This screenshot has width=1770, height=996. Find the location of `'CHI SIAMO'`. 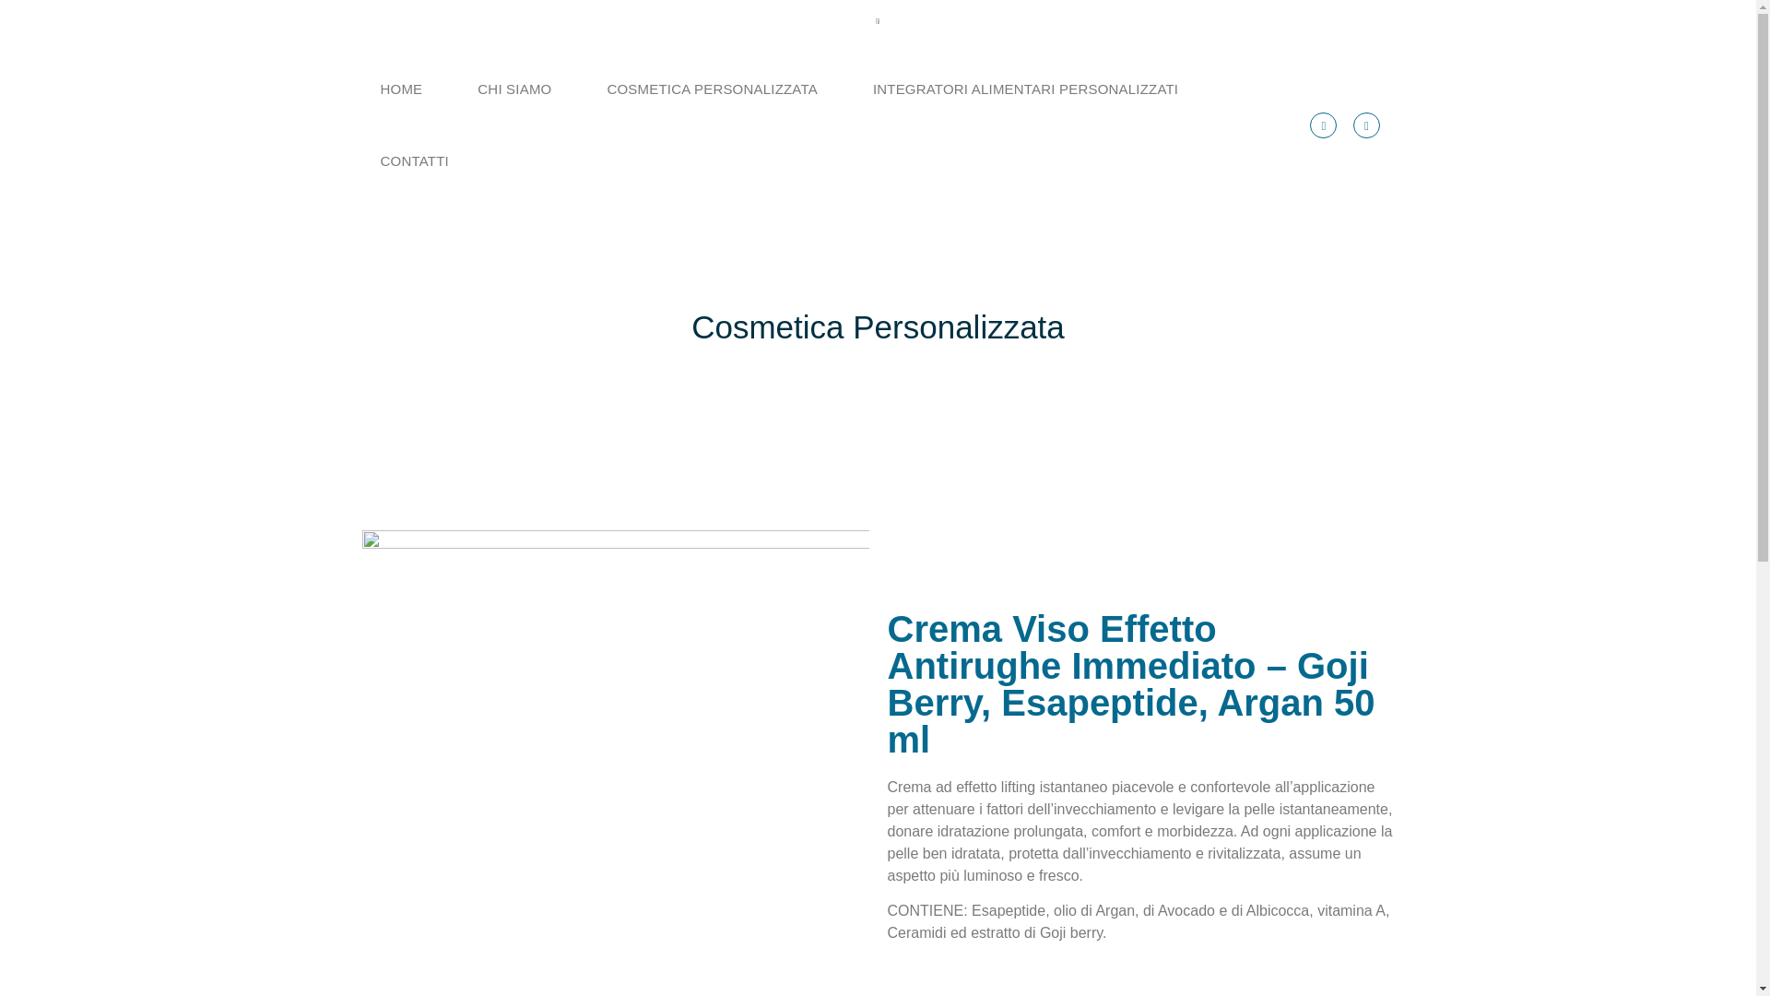

'CHI SIAMO' is located at coordinates (513, 89).